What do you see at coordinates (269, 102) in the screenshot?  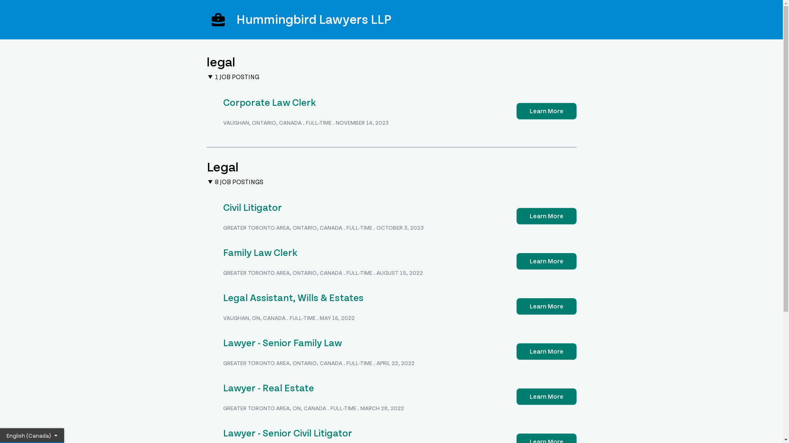 I see `'Corporate Law Clerk'` at bounding box center [269, 102].